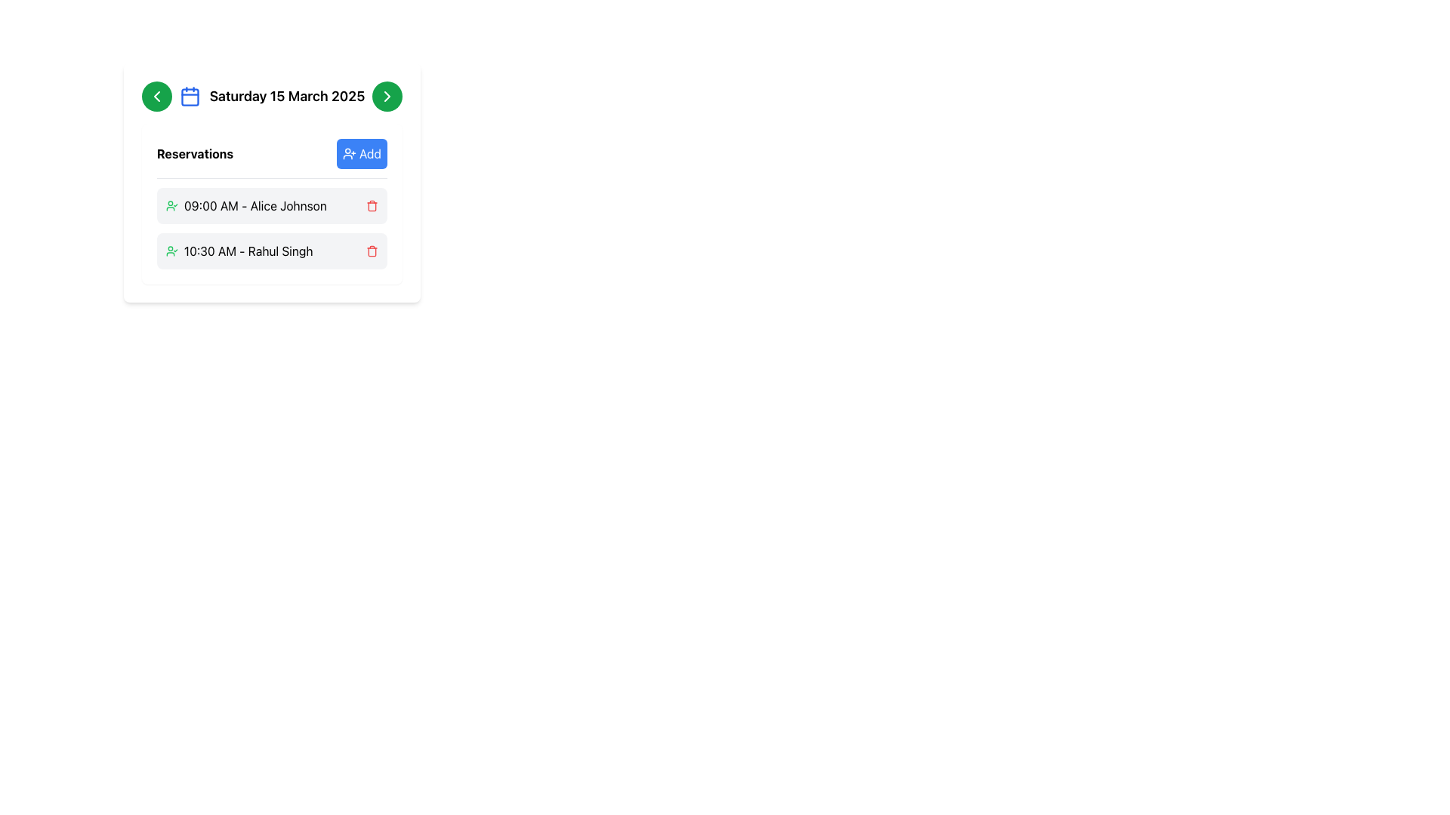 The width and height of the screenshot is (1450, 815). Describe the element at coordinates (156, 96) in the screenshot. I see `the green circular button with a leftward arrow icon located at the top left of the card-like section` at that location.